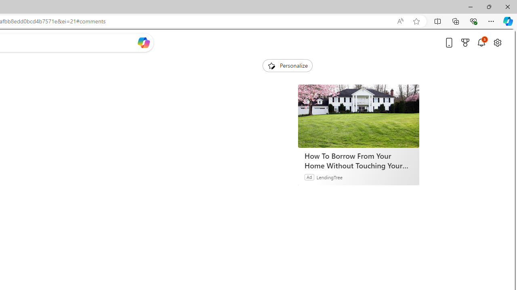  What do you see at coordinates (330, 176) in the screenshot?
I see `'LendingTree'` at bounding box center [330, 176].